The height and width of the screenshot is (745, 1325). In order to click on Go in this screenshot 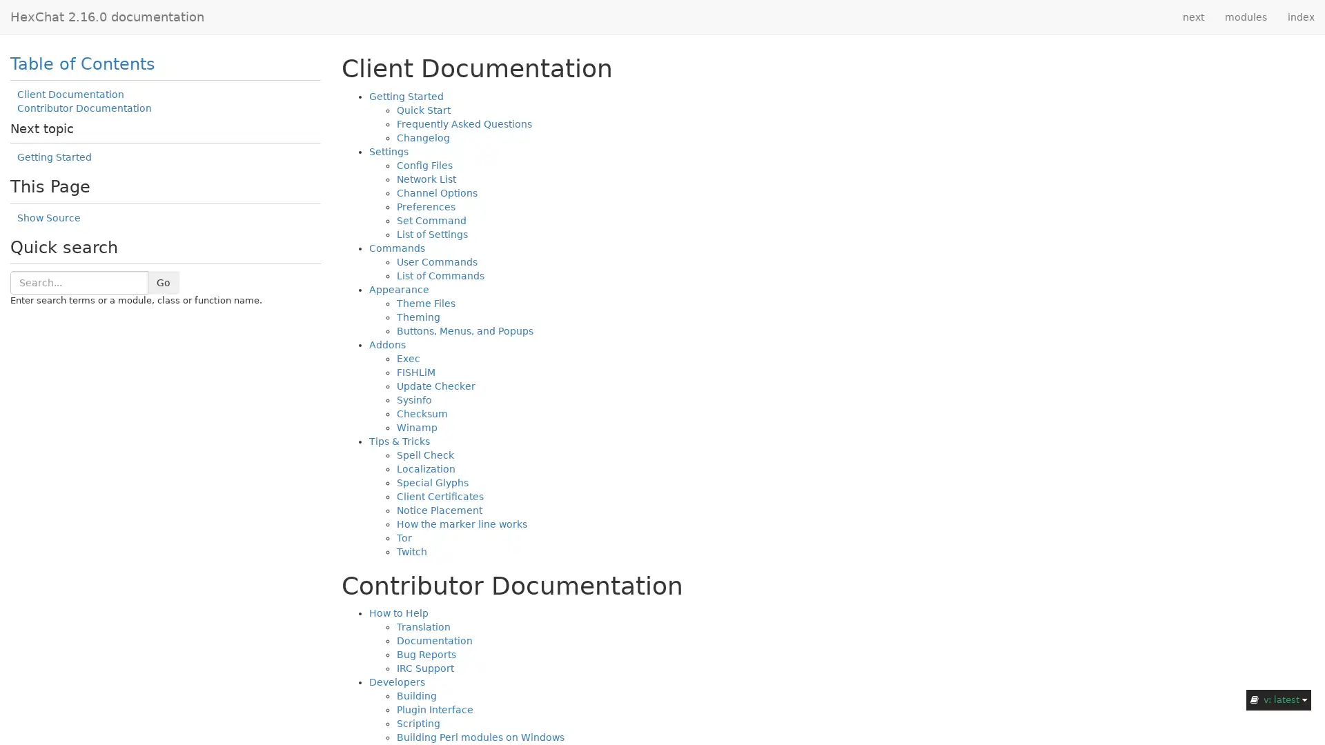, I will do `click(163, 281)`.